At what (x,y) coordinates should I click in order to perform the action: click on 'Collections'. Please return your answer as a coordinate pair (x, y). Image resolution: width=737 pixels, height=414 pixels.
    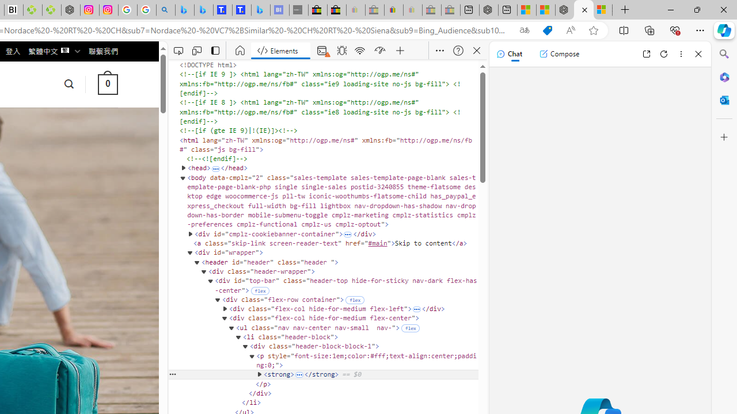
    Looking at the image, I should click on (649, 29).